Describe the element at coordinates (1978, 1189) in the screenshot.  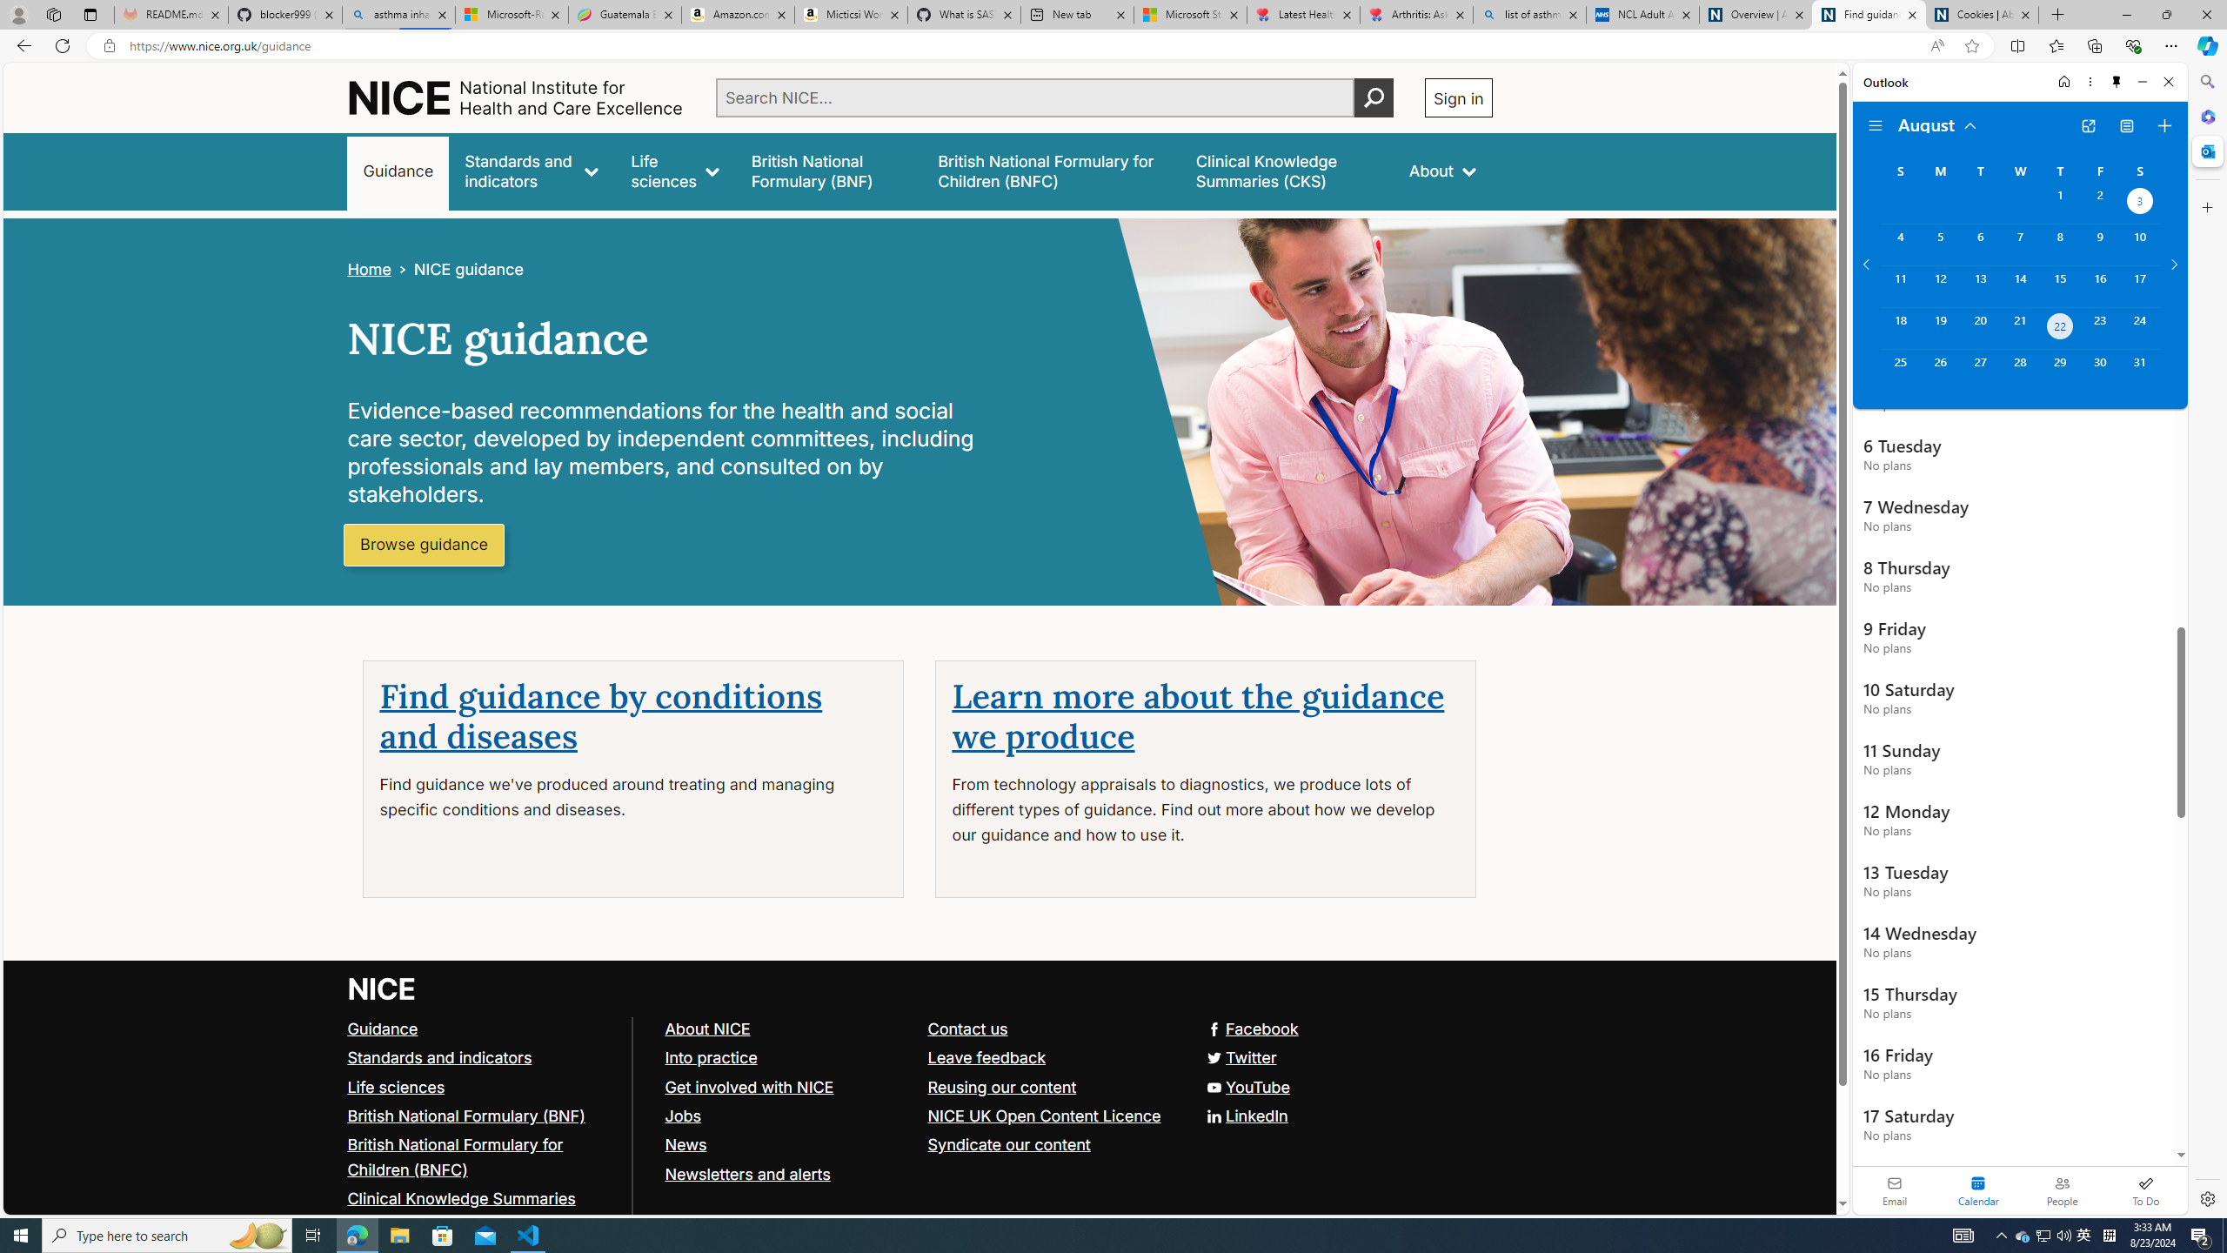
I see `'Selected calendar module. Date today is 22'` at that location.